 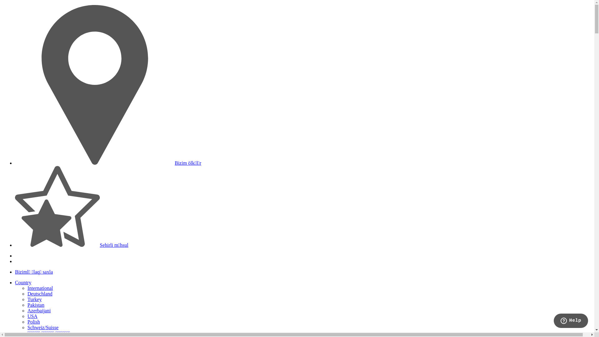 What do you see at coordinates (32, 316) in the screenshot?
I see `'USA'` at bounding box center [32, 316].